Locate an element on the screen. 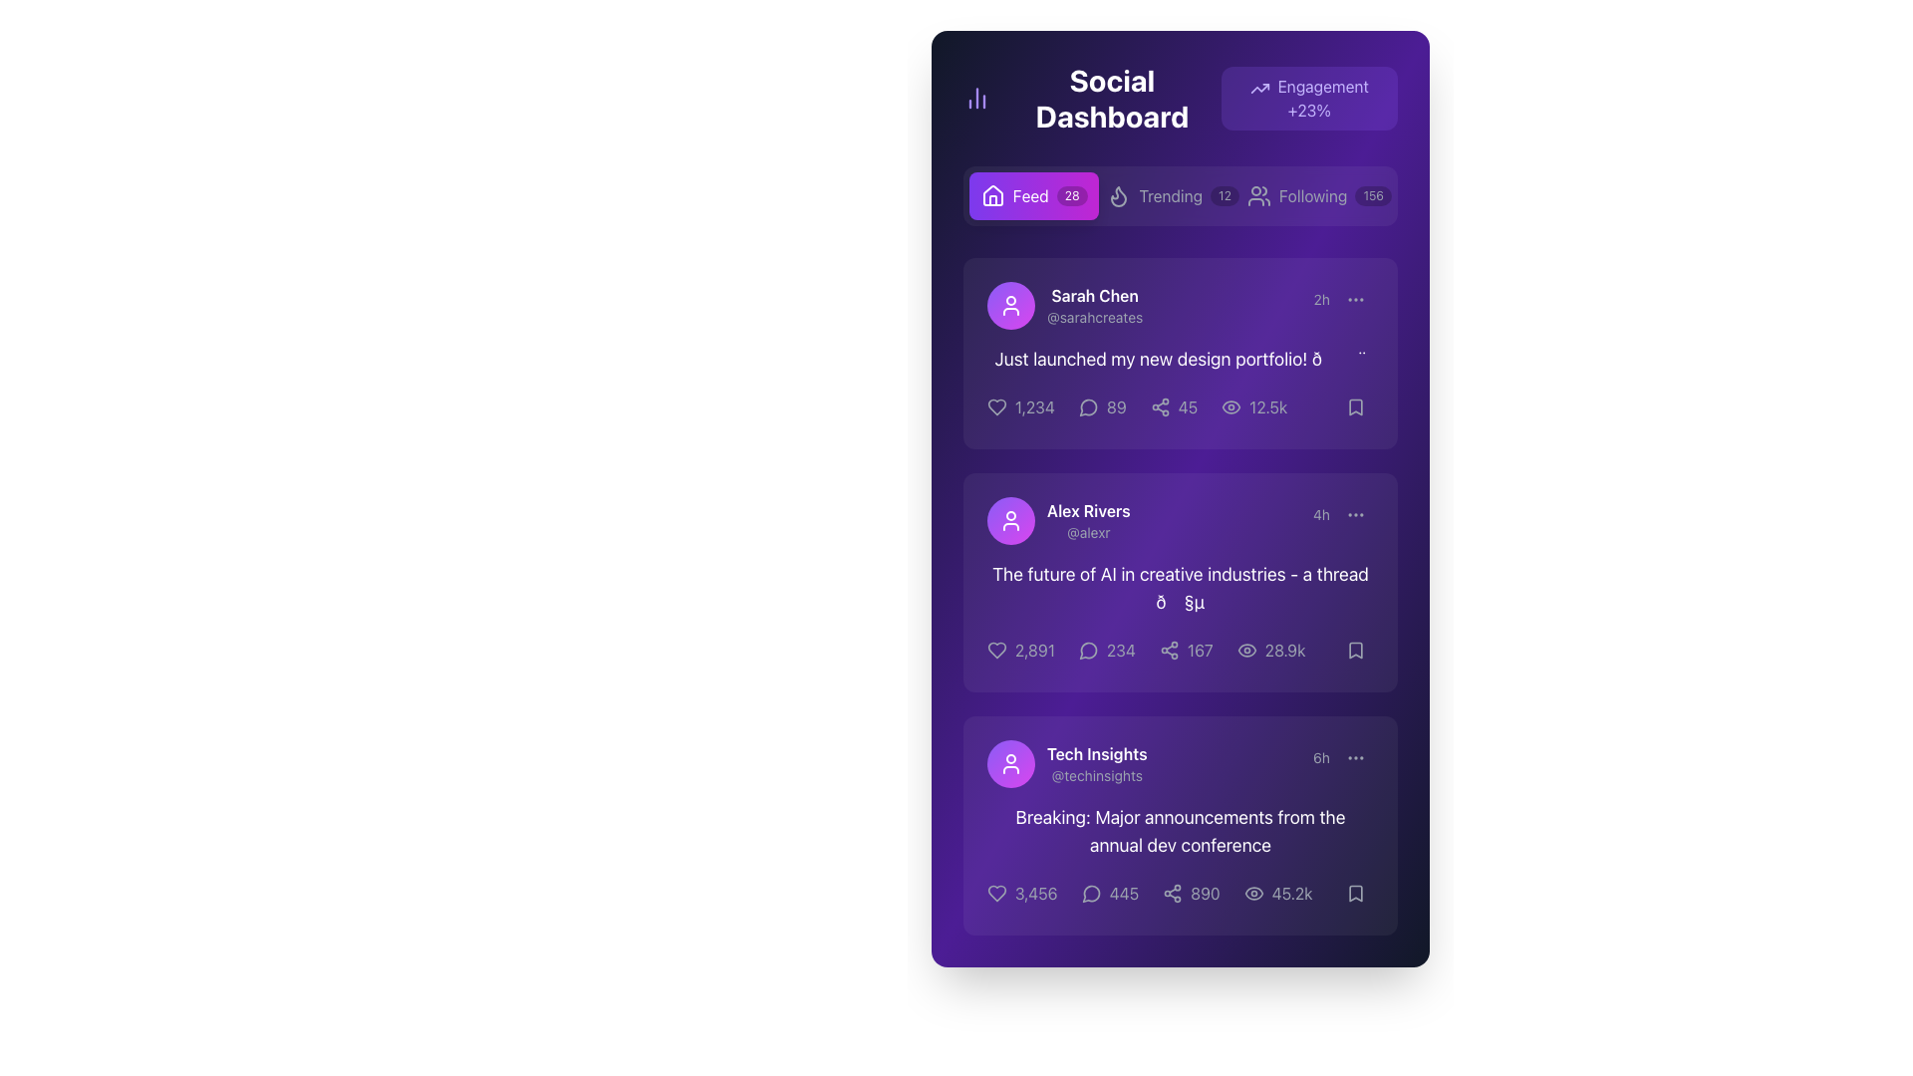 This screenshot has width=1913, height=1076. the text label that displays the number of shares for the associated post, located at the bottom section of the third card in the vertical feed layout, positioned to the right of the share icon and to the left of the view count indicator is located at coordinates (1204, 893).